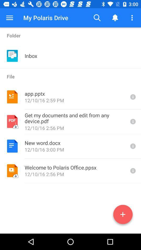 The image size is (141, 250). What do you see at coordinates (132, 146) in the screenshot?
I see `open information` at bounding box center [132, 146].